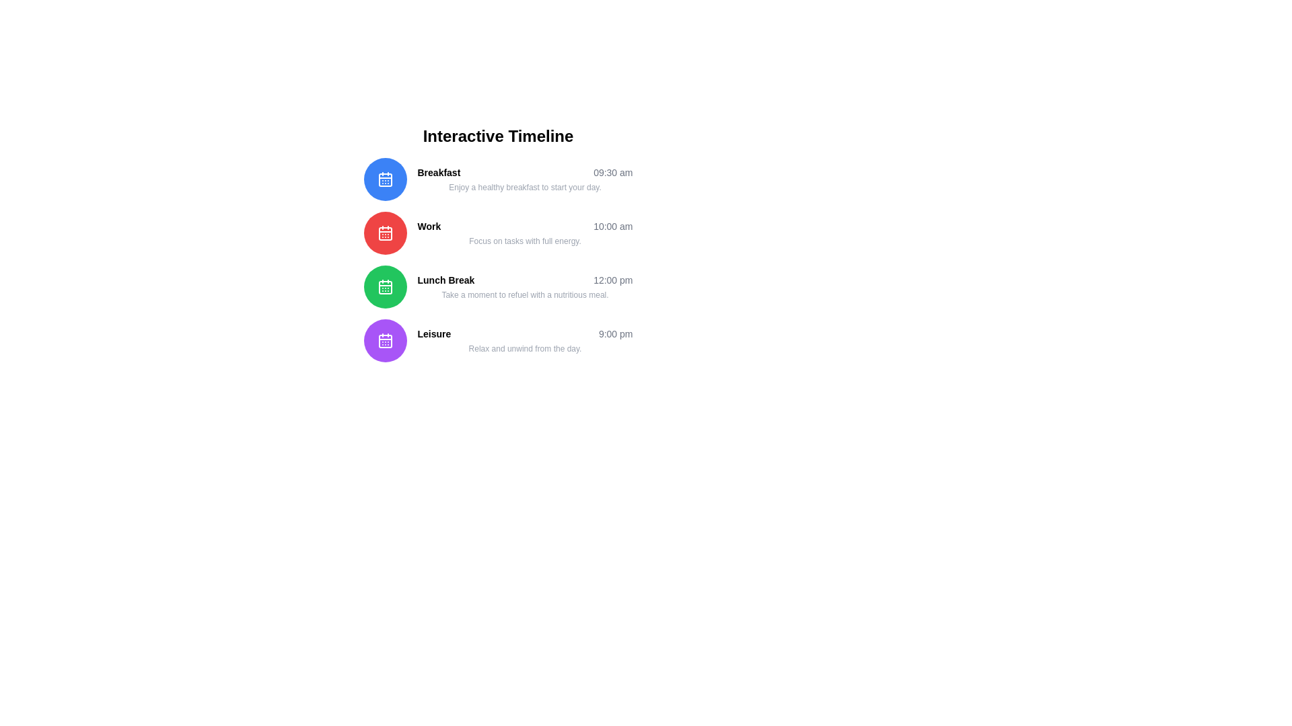 The image size is (1292, 726). I want to click on the white square with rounded corners that is inside the blue circular background, representing the 'Breakfast' schedule entry, so click(384, 179).